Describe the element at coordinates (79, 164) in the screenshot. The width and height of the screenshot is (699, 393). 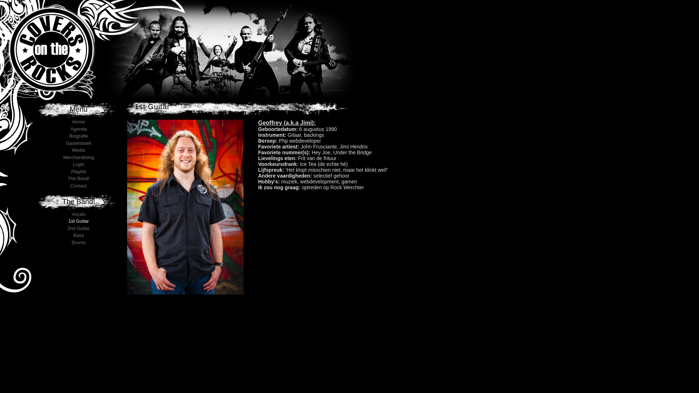
I see `'Login'` at that location.